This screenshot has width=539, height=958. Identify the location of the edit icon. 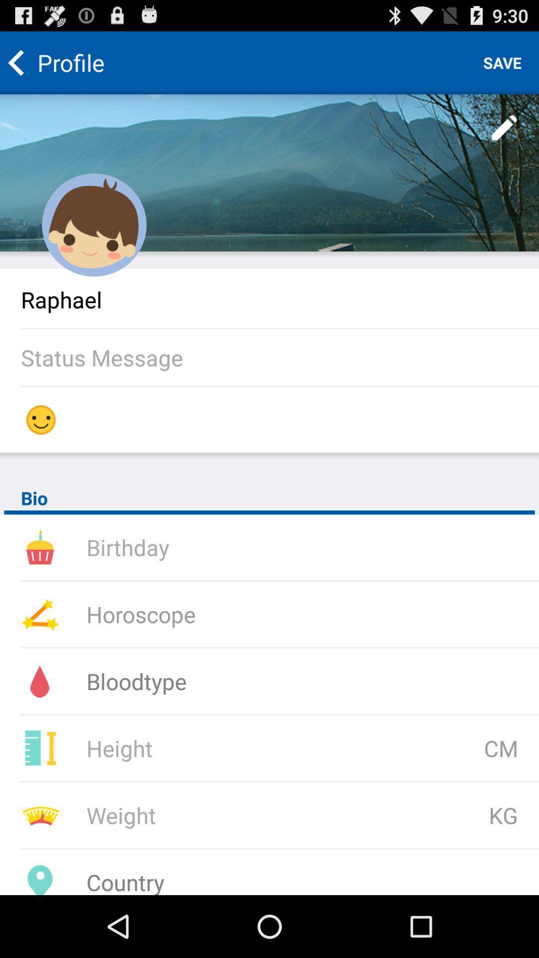
(505, 137).